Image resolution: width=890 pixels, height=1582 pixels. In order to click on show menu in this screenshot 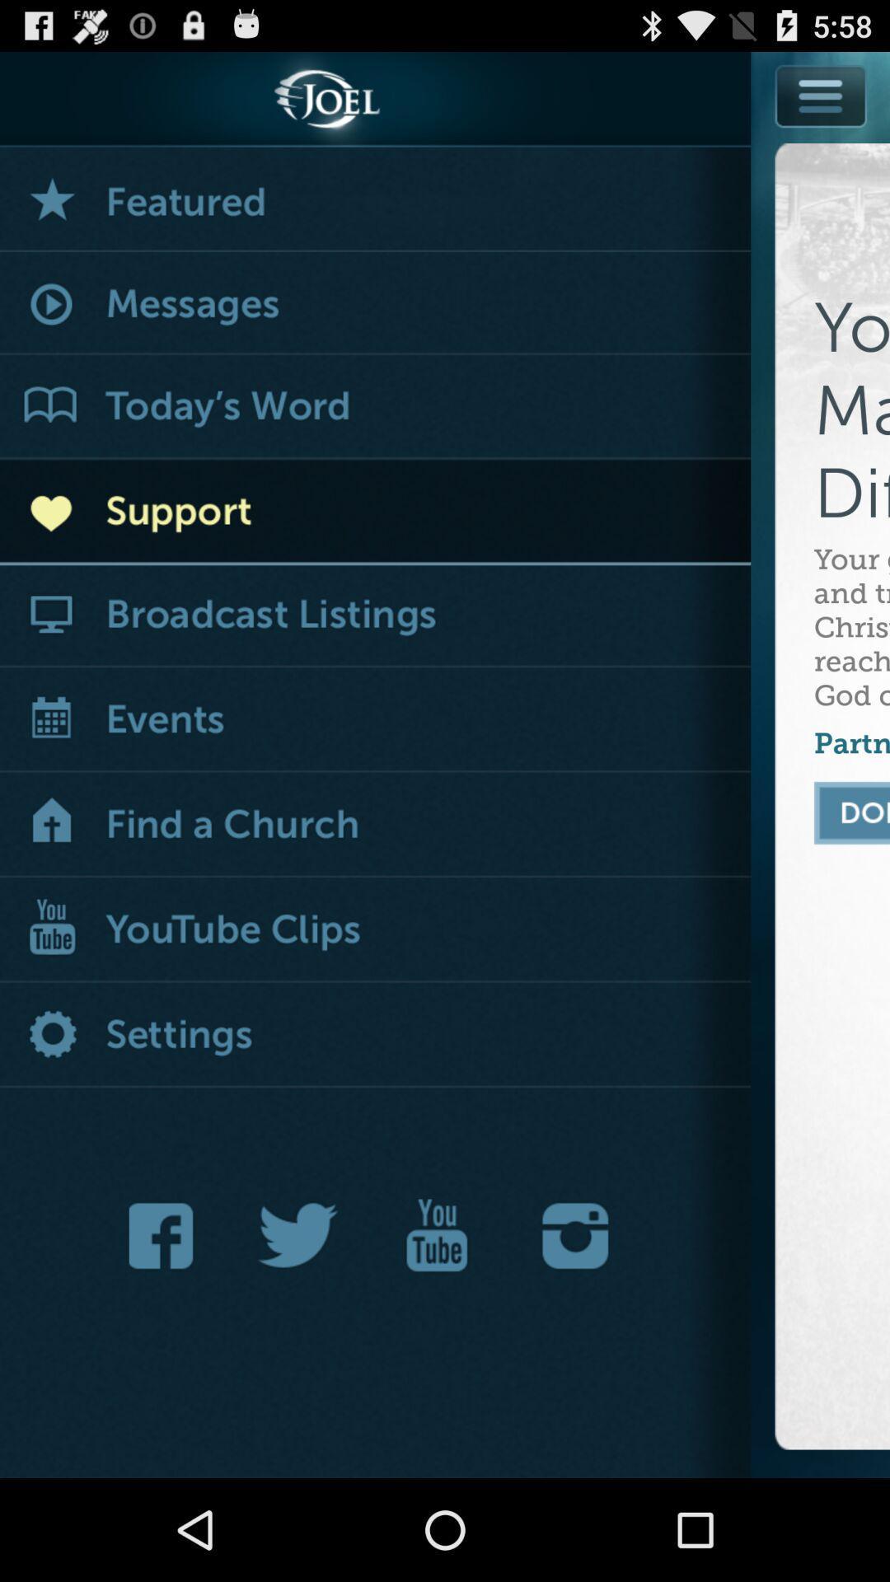, I will do `click(820, 133)`.